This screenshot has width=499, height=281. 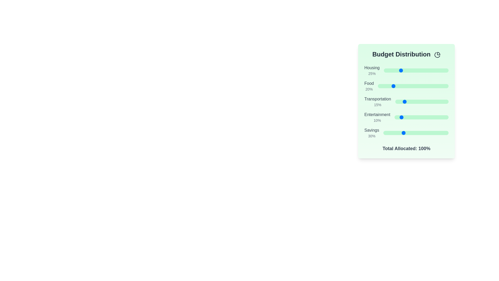 What do you see at coordinates (437, 86) in the screenshot?
I see `the 'Food' slider to set its value to 84` at bounding box center [437, 86].